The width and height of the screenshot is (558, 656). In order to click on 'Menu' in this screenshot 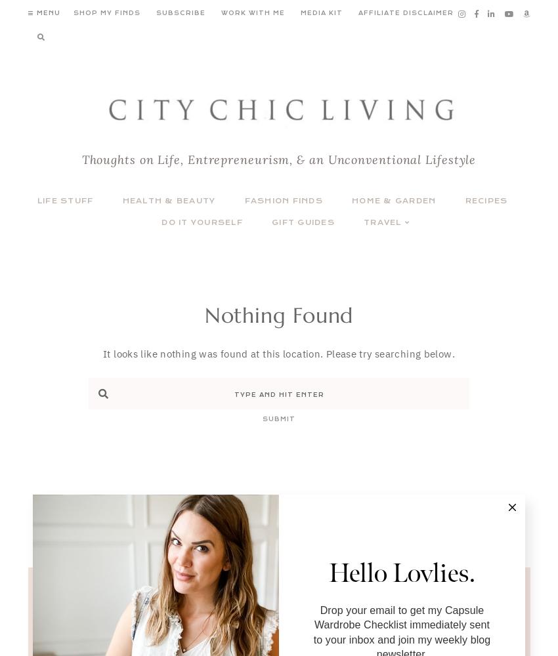, I will do `click(35, 13)`.